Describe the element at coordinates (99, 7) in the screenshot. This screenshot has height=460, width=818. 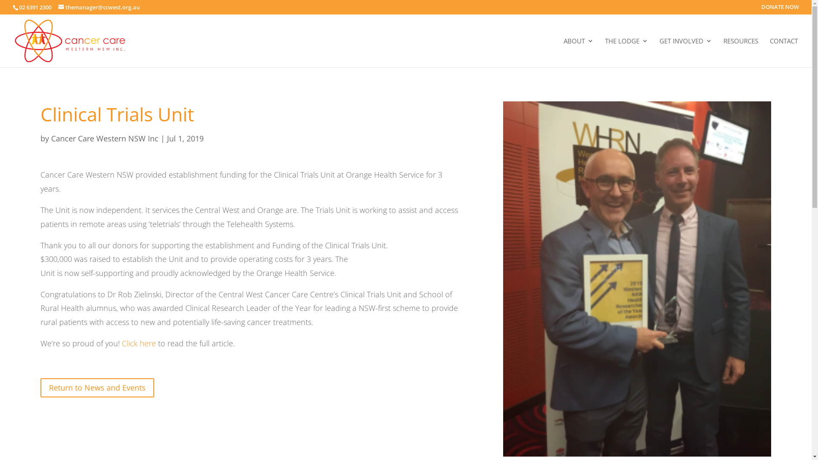
I see `'themanager@ccwest.org.au'` at that location.